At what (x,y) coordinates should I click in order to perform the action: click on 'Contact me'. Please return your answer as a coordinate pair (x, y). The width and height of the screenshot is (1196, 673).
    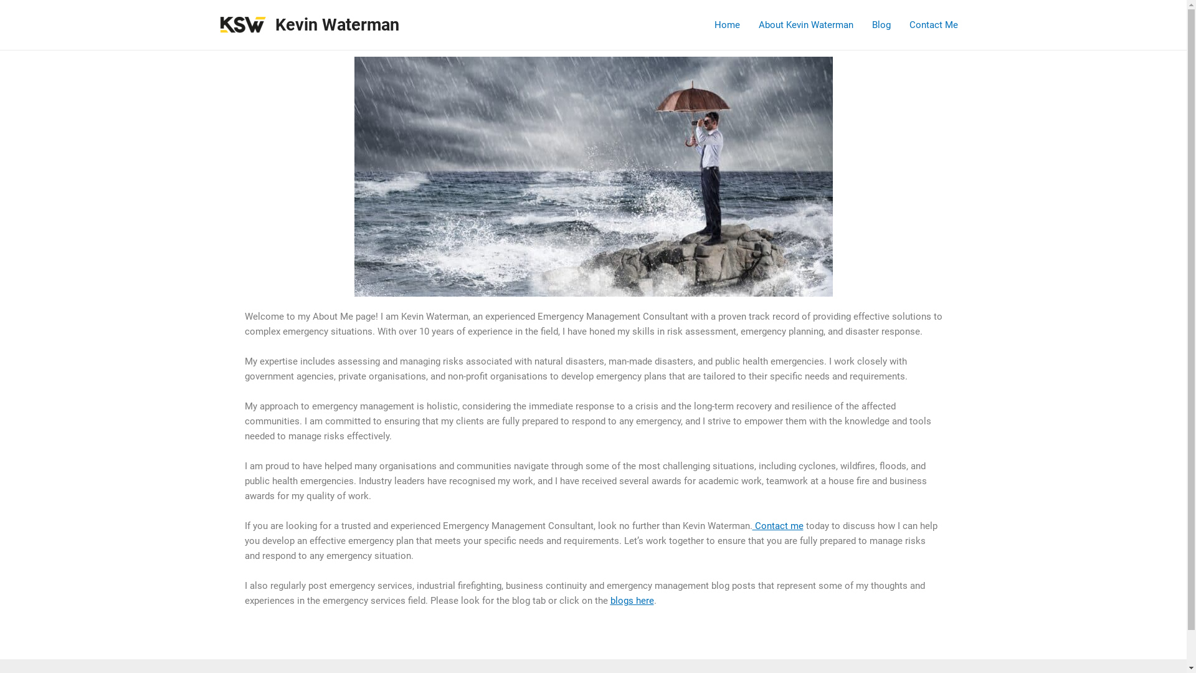
    Looking at the image, I should click on (777, 526).